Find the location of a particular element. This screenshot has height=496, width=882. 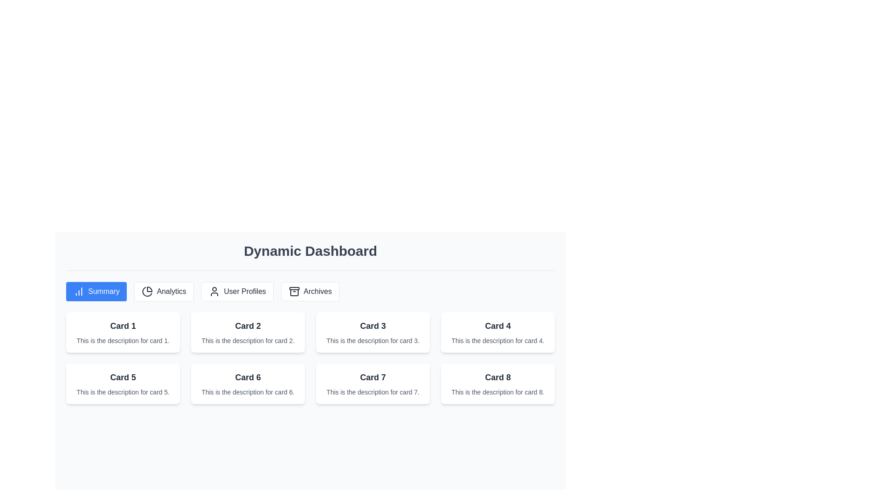

the Text Label that provides additional information about 'Card 7', located beneath the card's title in the 4x2 grid layout is located at coordinates (373, 392).